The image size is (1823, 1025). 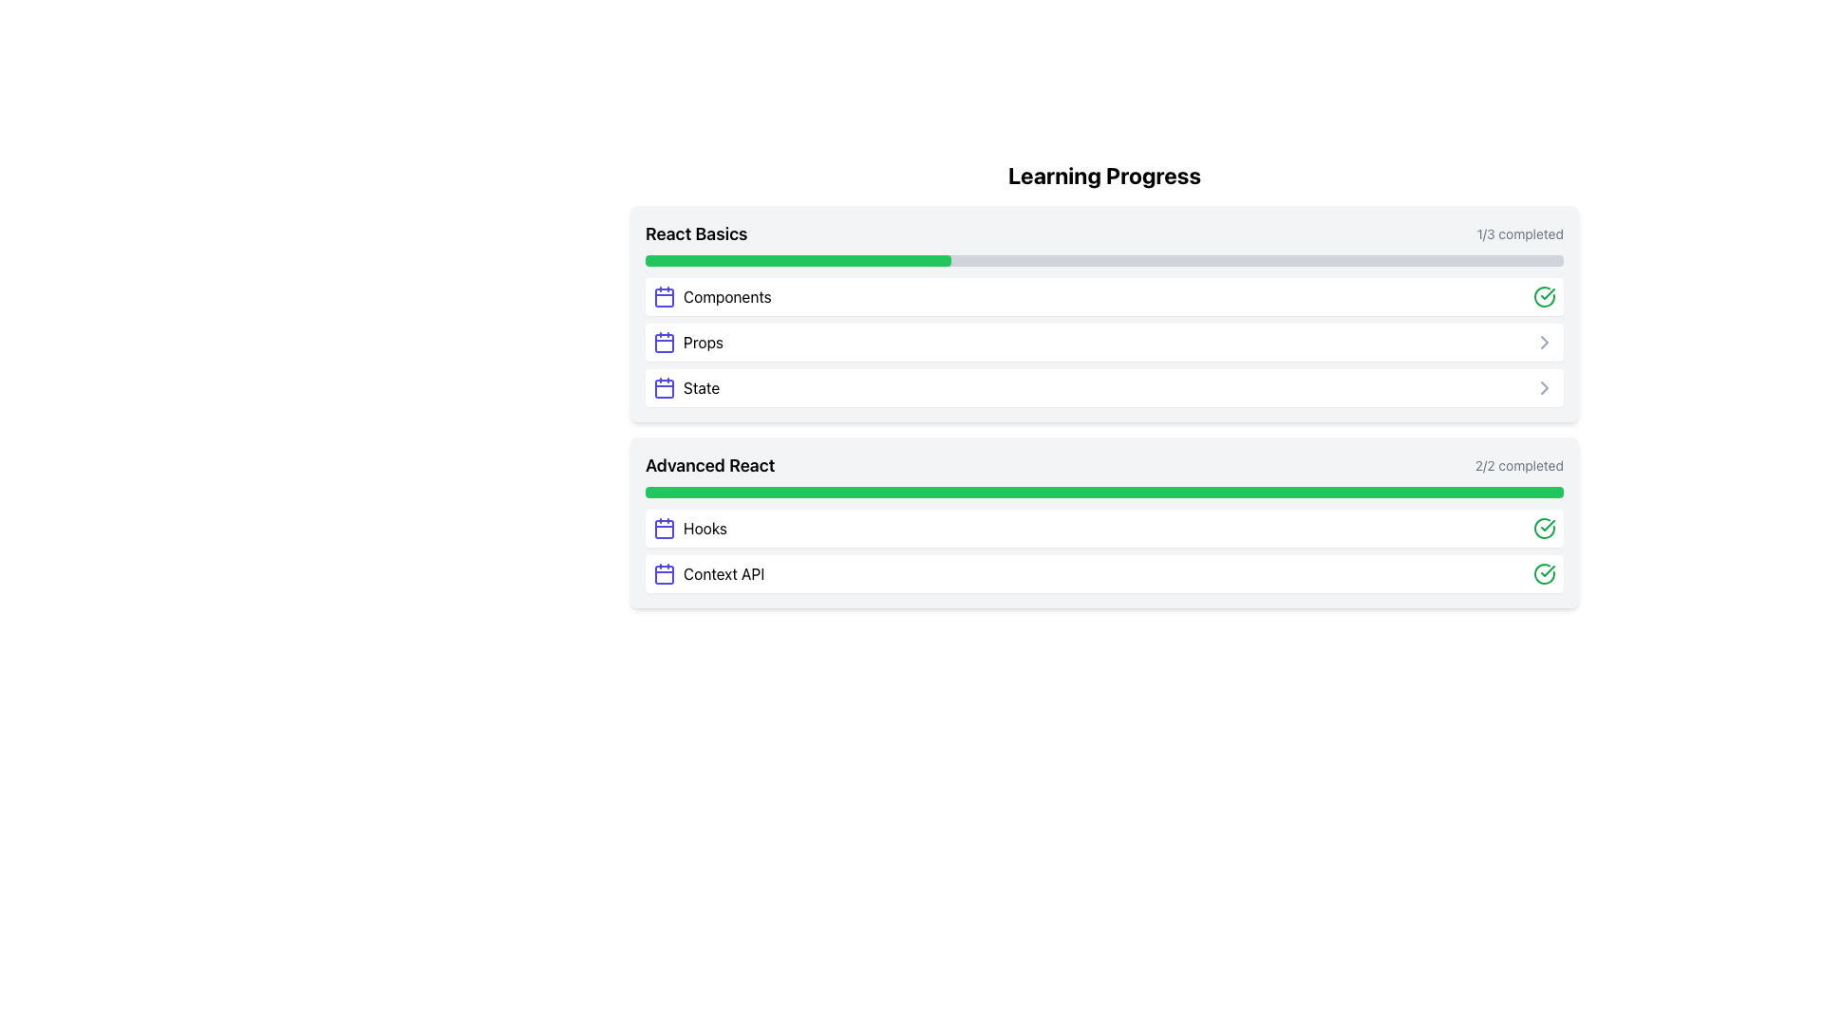 I want to click on the text label reading 'Props' which is the second item in the list under 'React Basics', positioned between 'Components' and 'State', so click(x=703, y=343).